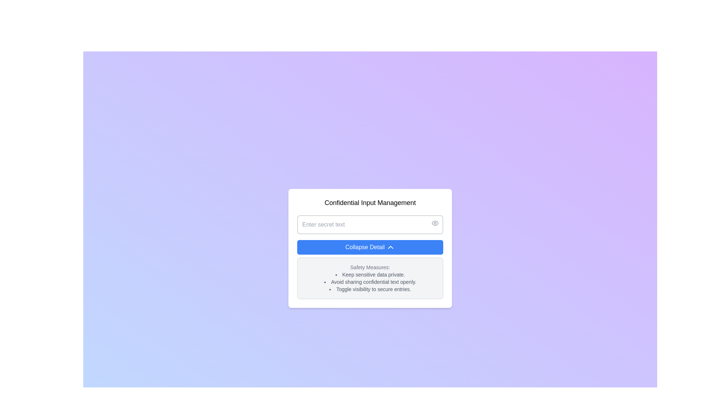 The height and width of the screenshot is (394, 701). What do you see at coordinates (370, 282) in the screenshot?
I see `the second item in the bullet-point list that conveys a security-related guideline, located at the center of the white card section on the interface` at bounding box center [370, 282].